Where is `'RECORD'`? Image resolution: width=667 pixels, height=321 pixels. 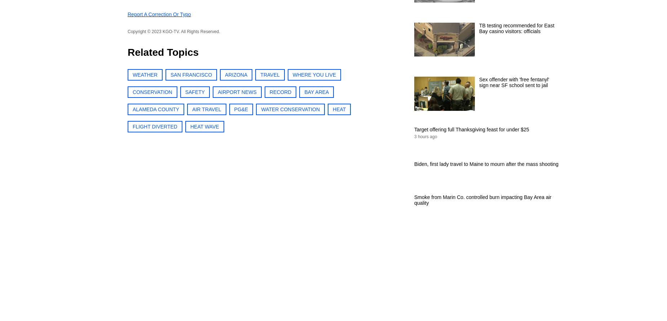
'RECORD' is located at coordinates (269, 92).